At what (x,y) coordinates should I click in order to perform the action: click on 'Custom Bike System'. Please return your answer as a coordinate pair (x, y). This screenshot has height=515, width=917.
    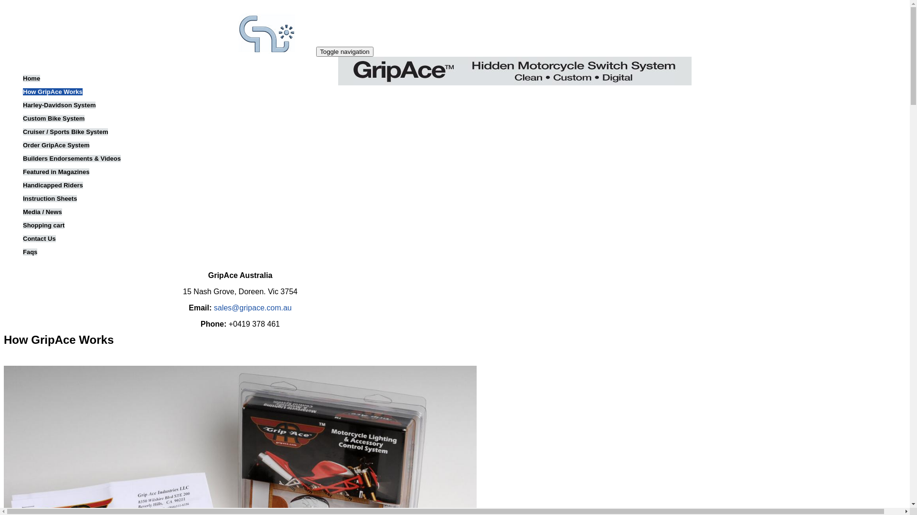
    Looking at the image, I should click on (53, 118).